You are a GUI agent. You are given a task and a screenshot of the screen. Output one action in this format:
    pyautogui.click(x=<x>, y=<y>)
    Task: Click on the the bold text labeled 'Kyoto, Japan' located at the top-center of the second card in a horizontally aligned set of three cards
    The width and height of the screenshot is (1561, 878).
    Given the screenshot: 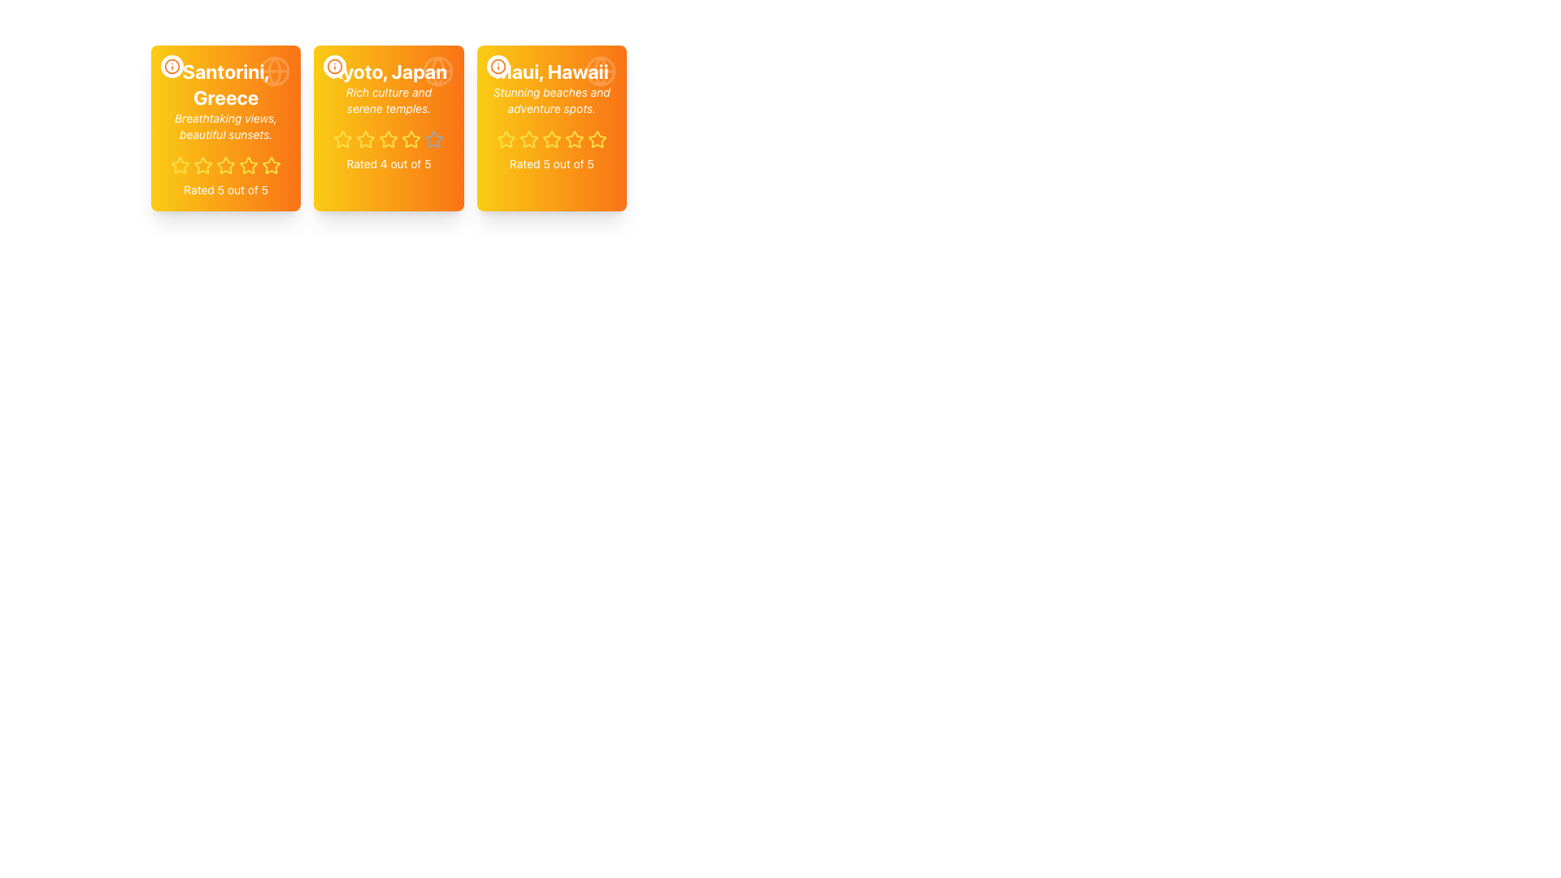 What is the action you would take?
    pyautogui.click(x=388, y=71)
    